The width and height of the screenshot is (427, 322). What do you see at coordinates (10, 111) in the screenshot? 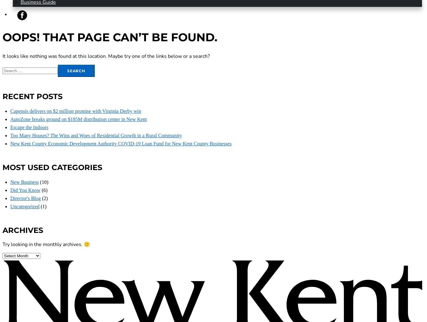
I see `'Capensis delivers on $2 million promise with Virginia Derby win'` at bounding box center [10, 111].